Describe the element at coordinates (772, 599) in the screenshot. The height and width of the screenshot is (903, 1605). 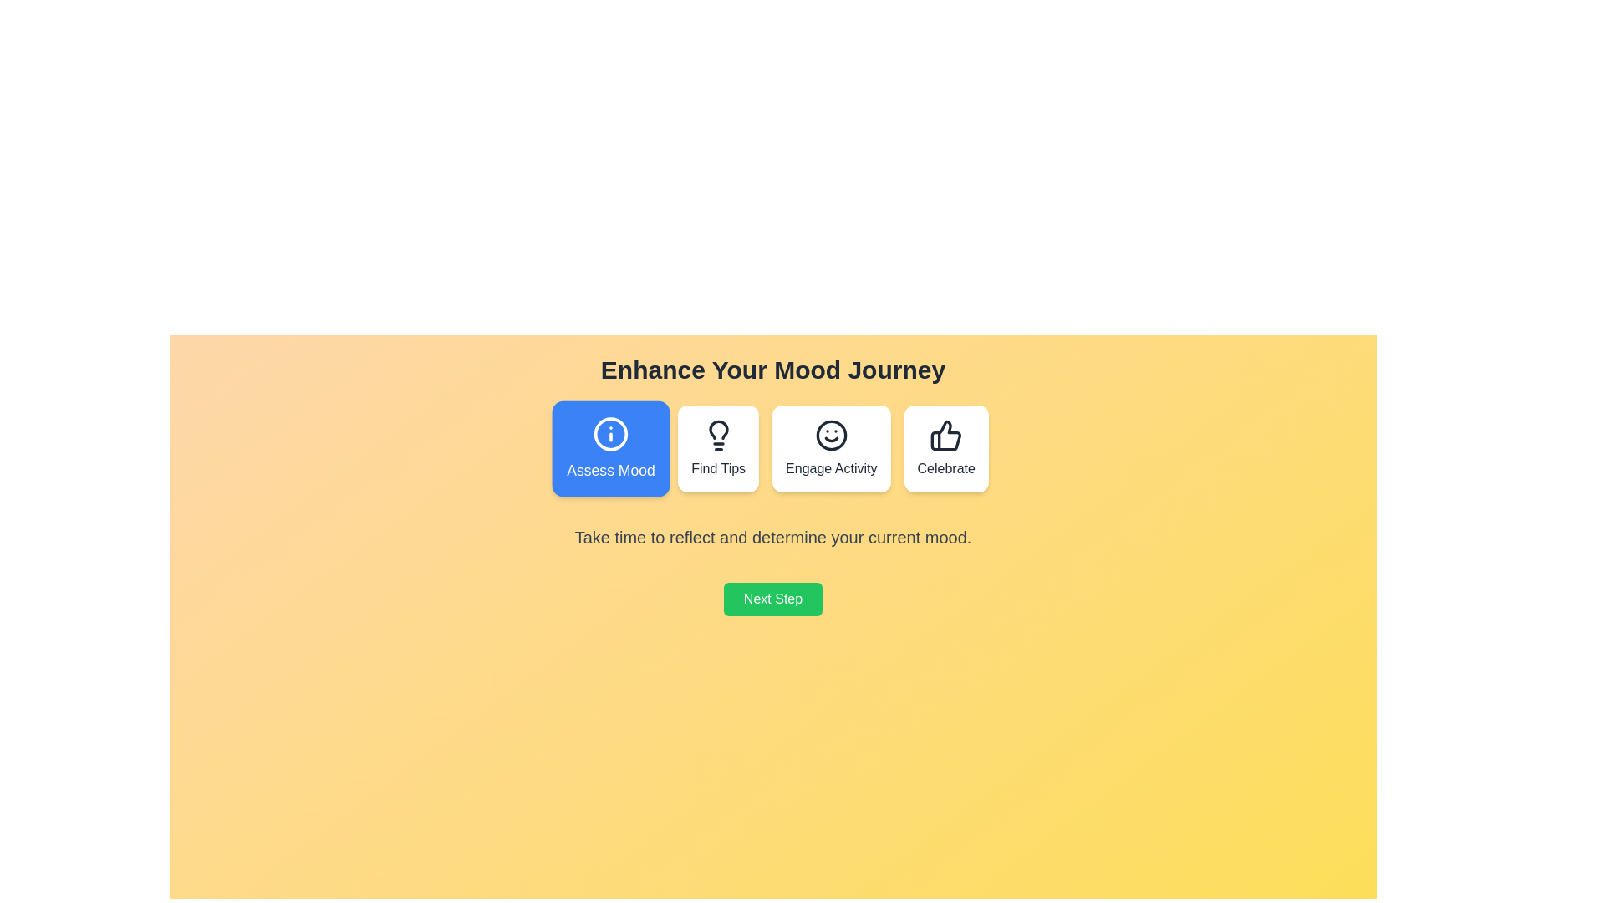
I see `the 'Next Step' button to proceed to the next step in the mood journey` at that location.